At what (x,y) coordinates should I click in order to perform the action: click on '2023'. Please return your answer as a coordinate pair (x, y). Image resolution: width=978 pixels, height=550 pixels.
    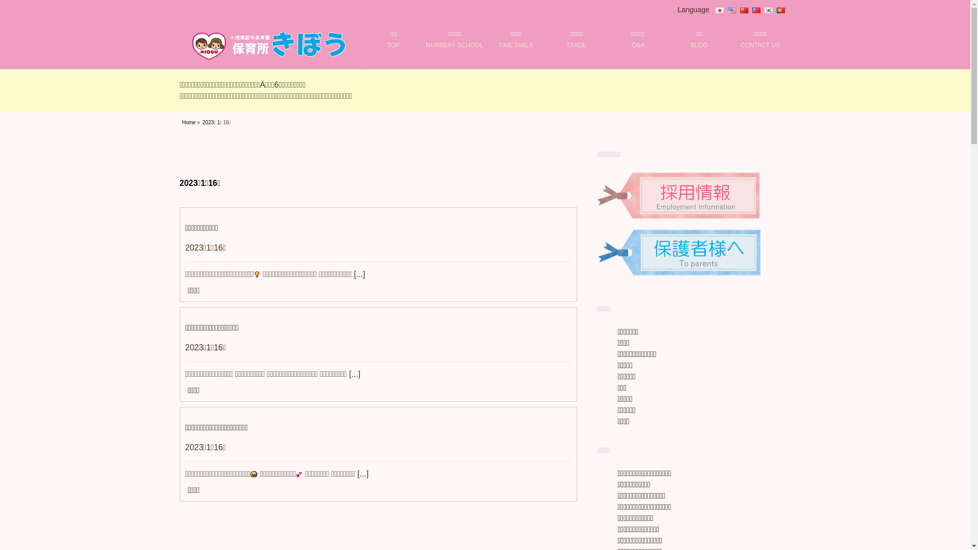
    Looking at the image, I should click on (207, 122).